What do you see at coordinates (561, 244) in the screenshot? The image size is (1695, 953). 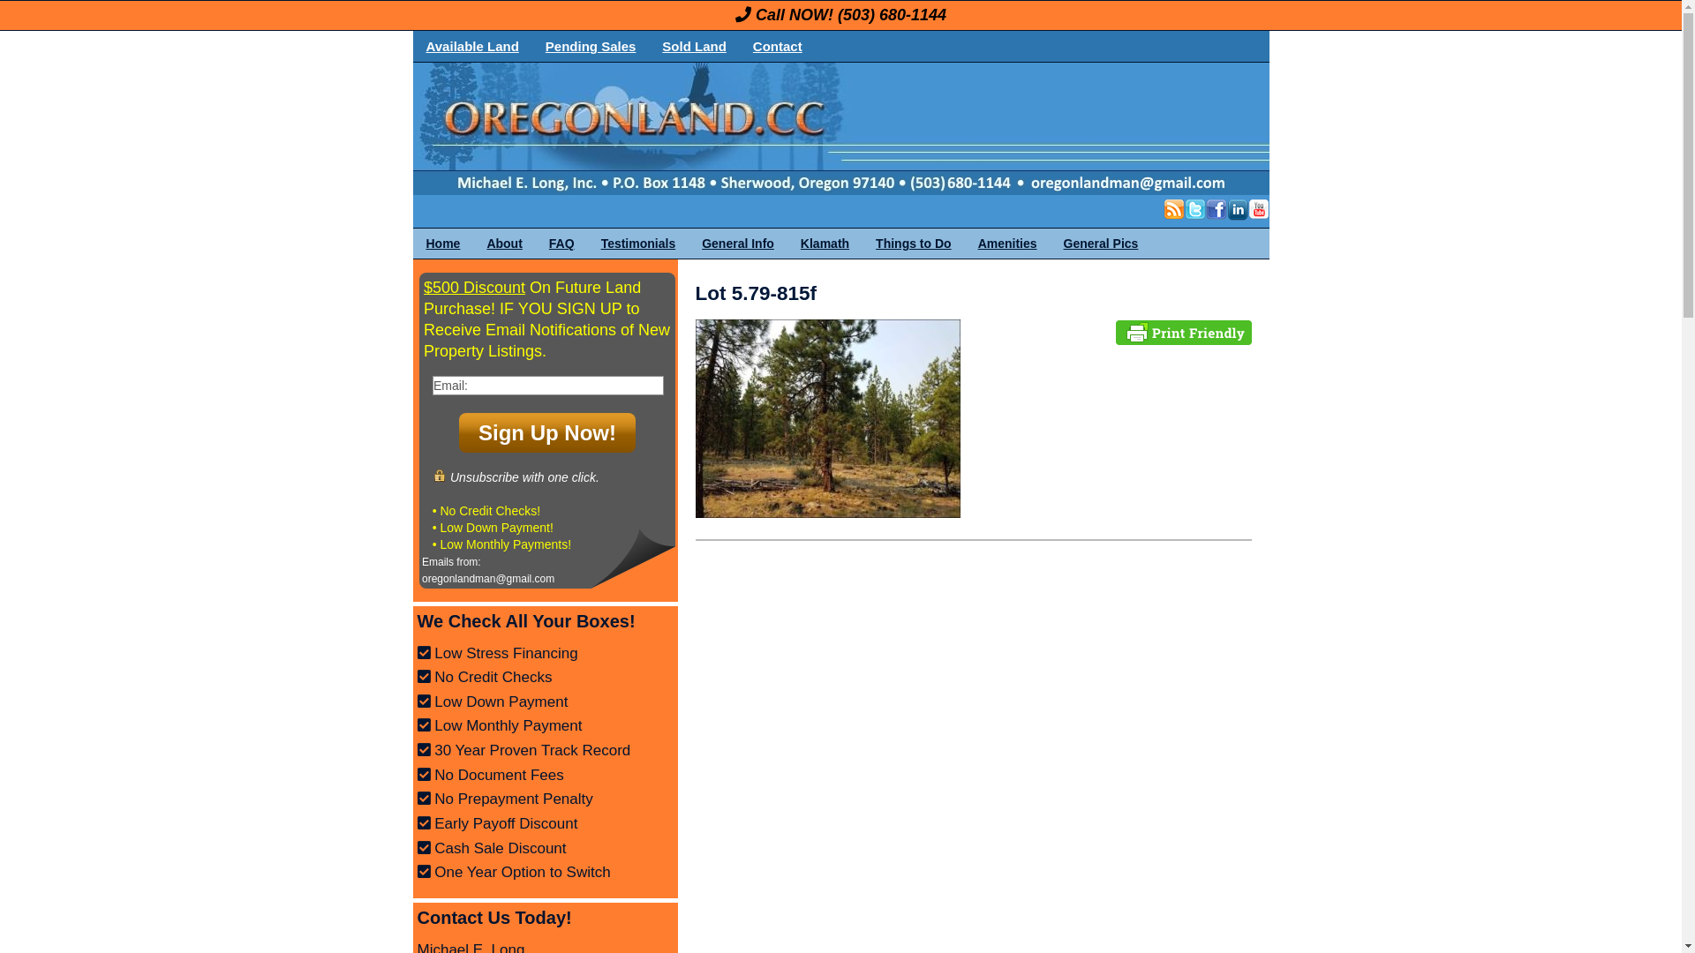 I see `'FAQ'` at bounding box center [561, 244].